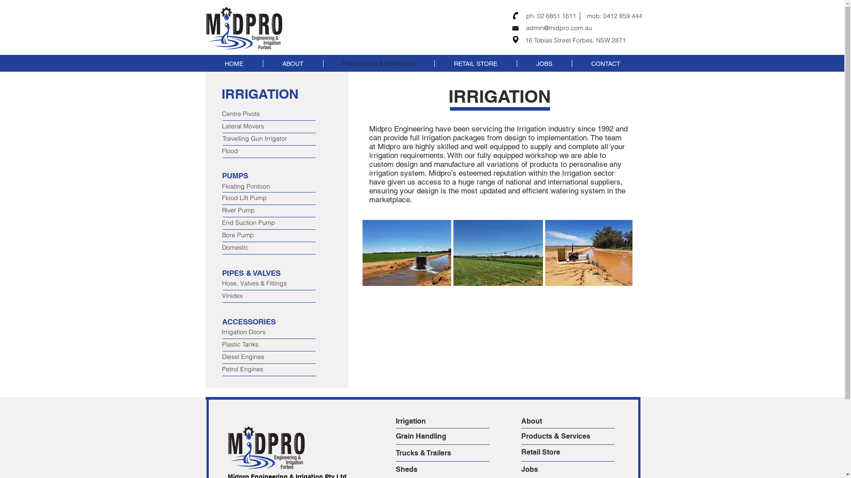  I want to click on 'Floating Pontoon', so click(221, 186).